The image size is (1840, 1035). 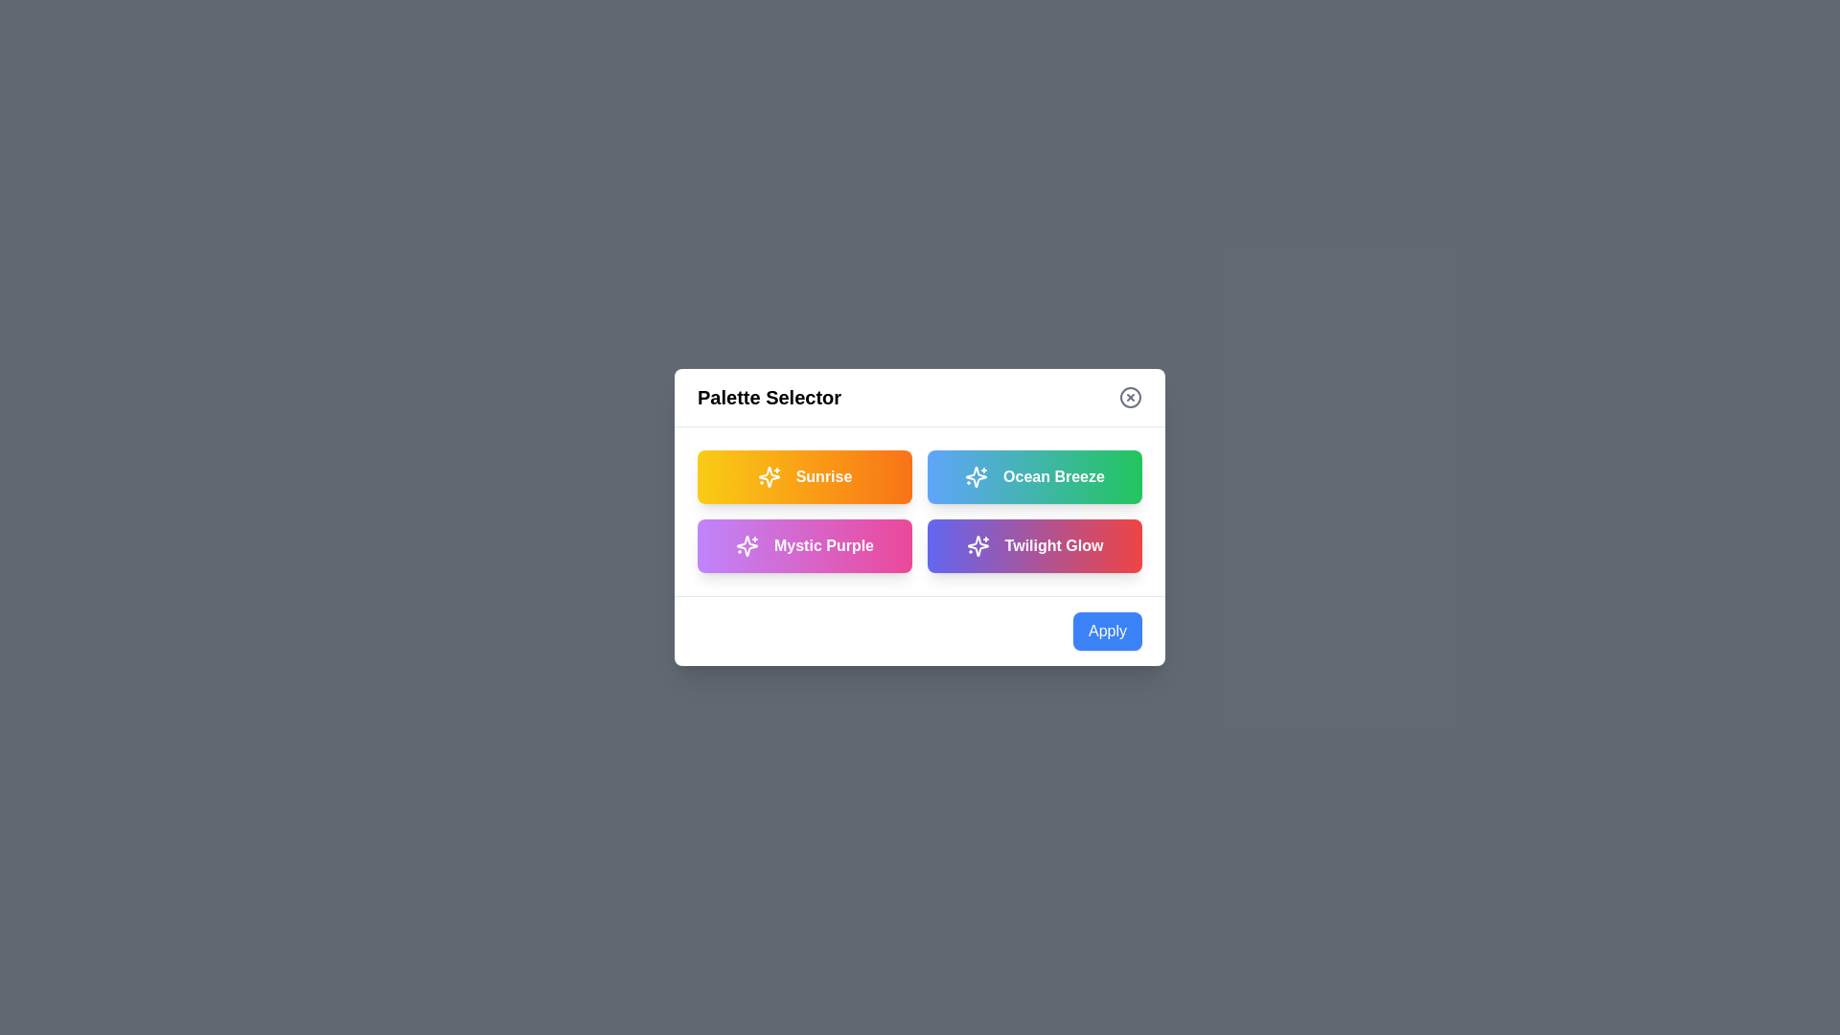 What do you see at coordinates (1131, 397) in the screenshot?
I see `the close button to close the dialog` at bounding box center [1131, 397].